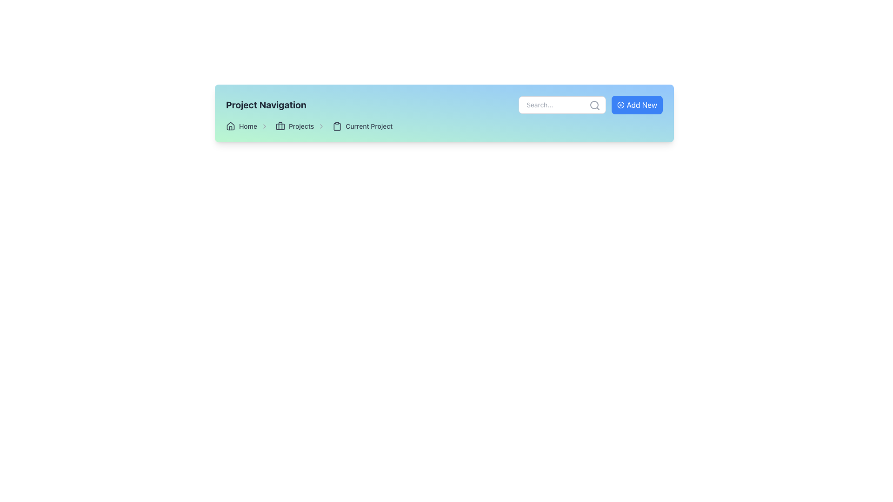  What do you see at coordinates (247, 126) in the screenshot?
I see `the first breadcrumb item in the navigation bar that represents the homepage of the website` at bounding box center [247, 126].